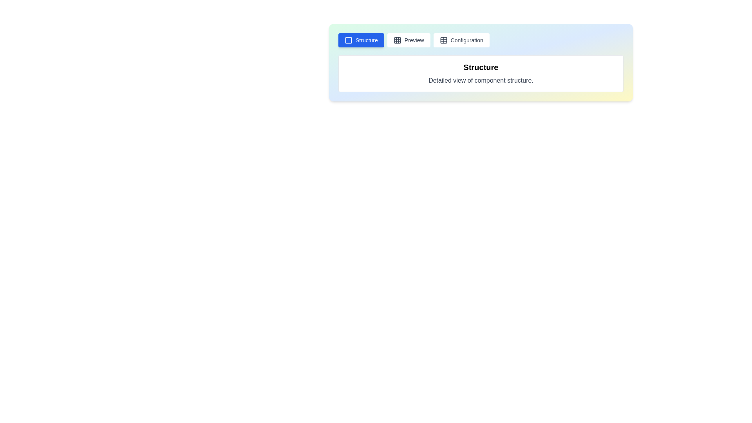  Describe the element at coordinates (360, 40) in the screenshot. I see `the Structure tab to observe its layout` at that location.